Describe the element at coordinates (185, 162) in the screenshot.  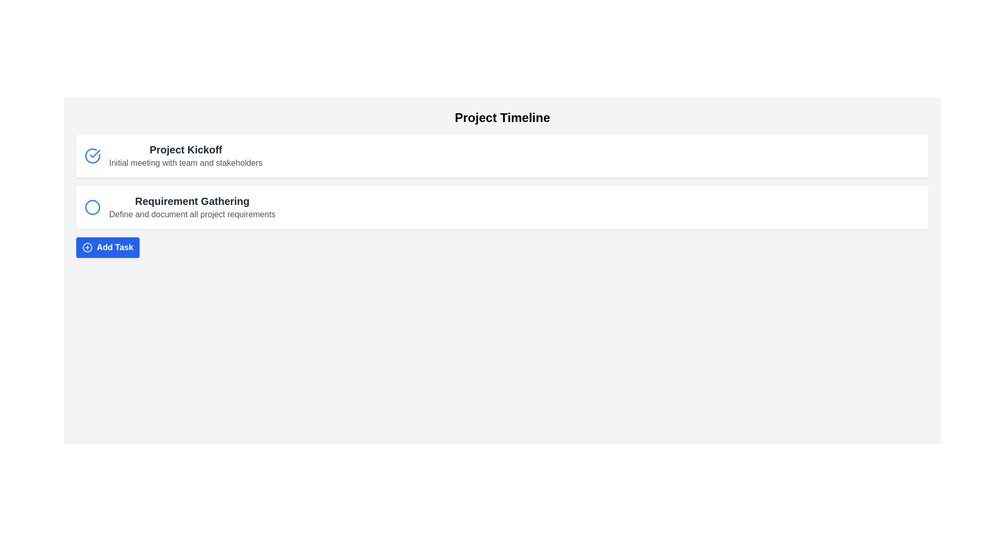
I see `the text label that displays 'Initial meeting with team and stakeholders', which is styled in gray and positioned below the bold title 'Project Kickoff'` at that location.